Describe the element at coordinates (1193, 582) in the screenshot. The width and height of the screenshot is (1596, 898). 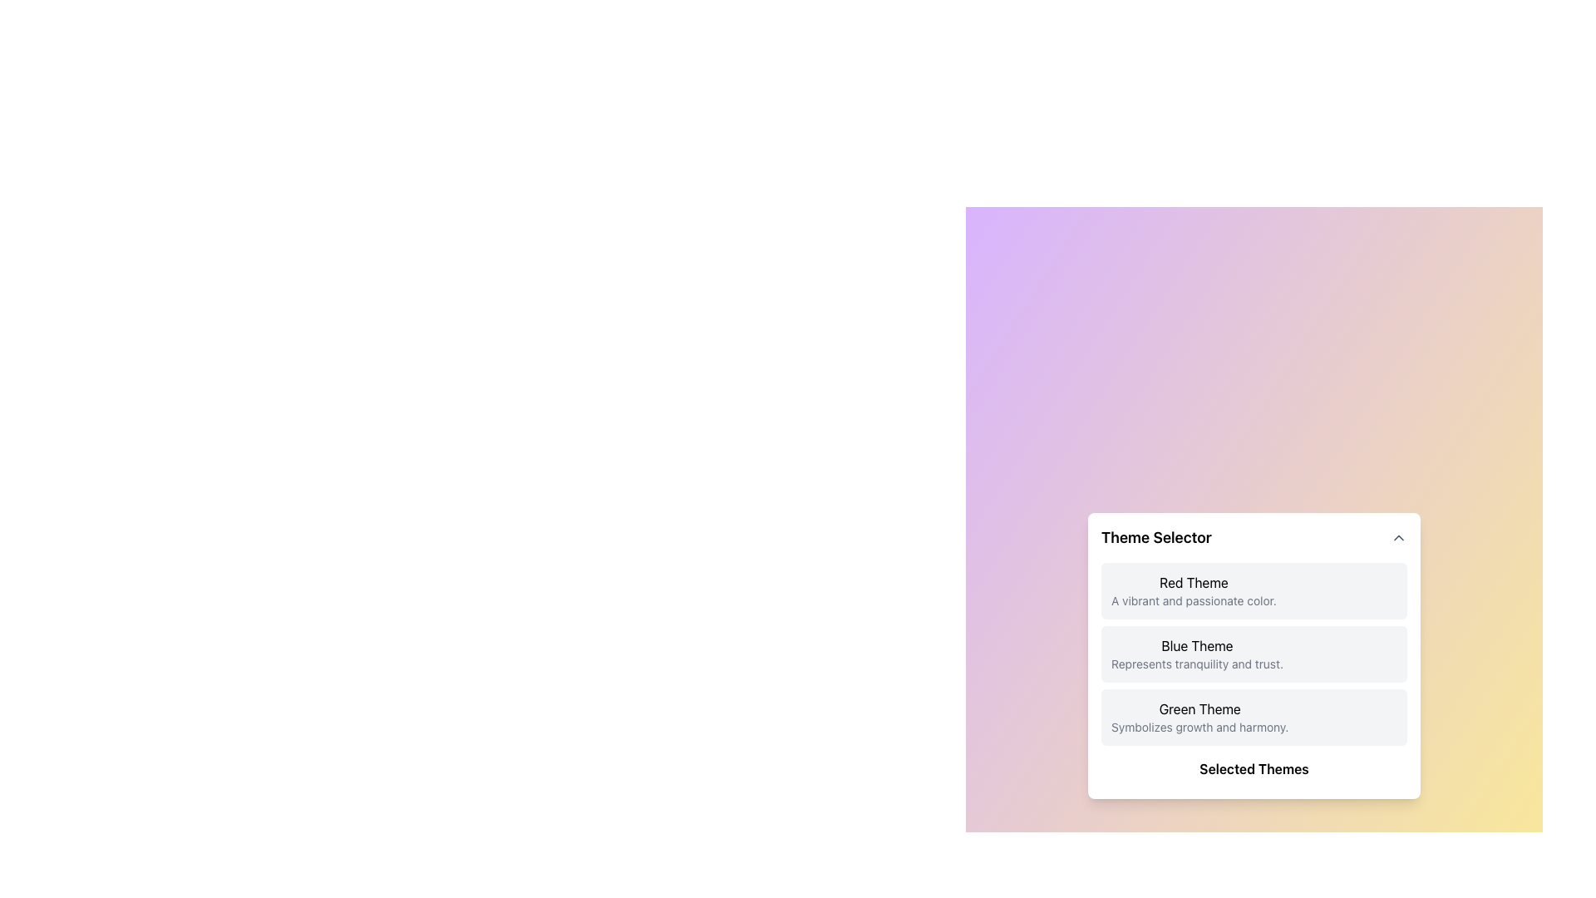
I see `the 'Red Theme' label in the theme selector menu, which serves as a title for the option and is positioned above the descriptive text` at that location.